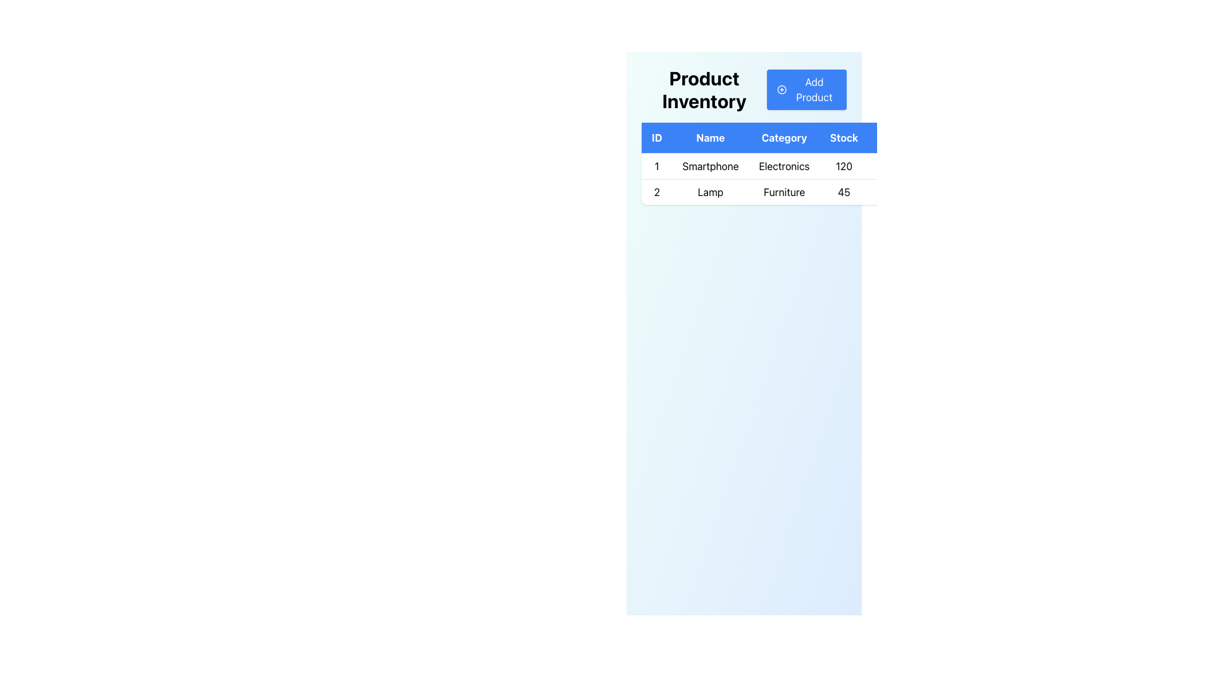 This screenshot has height=683, width=1215. What do you see at coordinates (704, 89) in the screenshot?
I see `the title text label located at the extreme left of the interface, preceding the 'Add Product' button` at bounding box center [704, 89].